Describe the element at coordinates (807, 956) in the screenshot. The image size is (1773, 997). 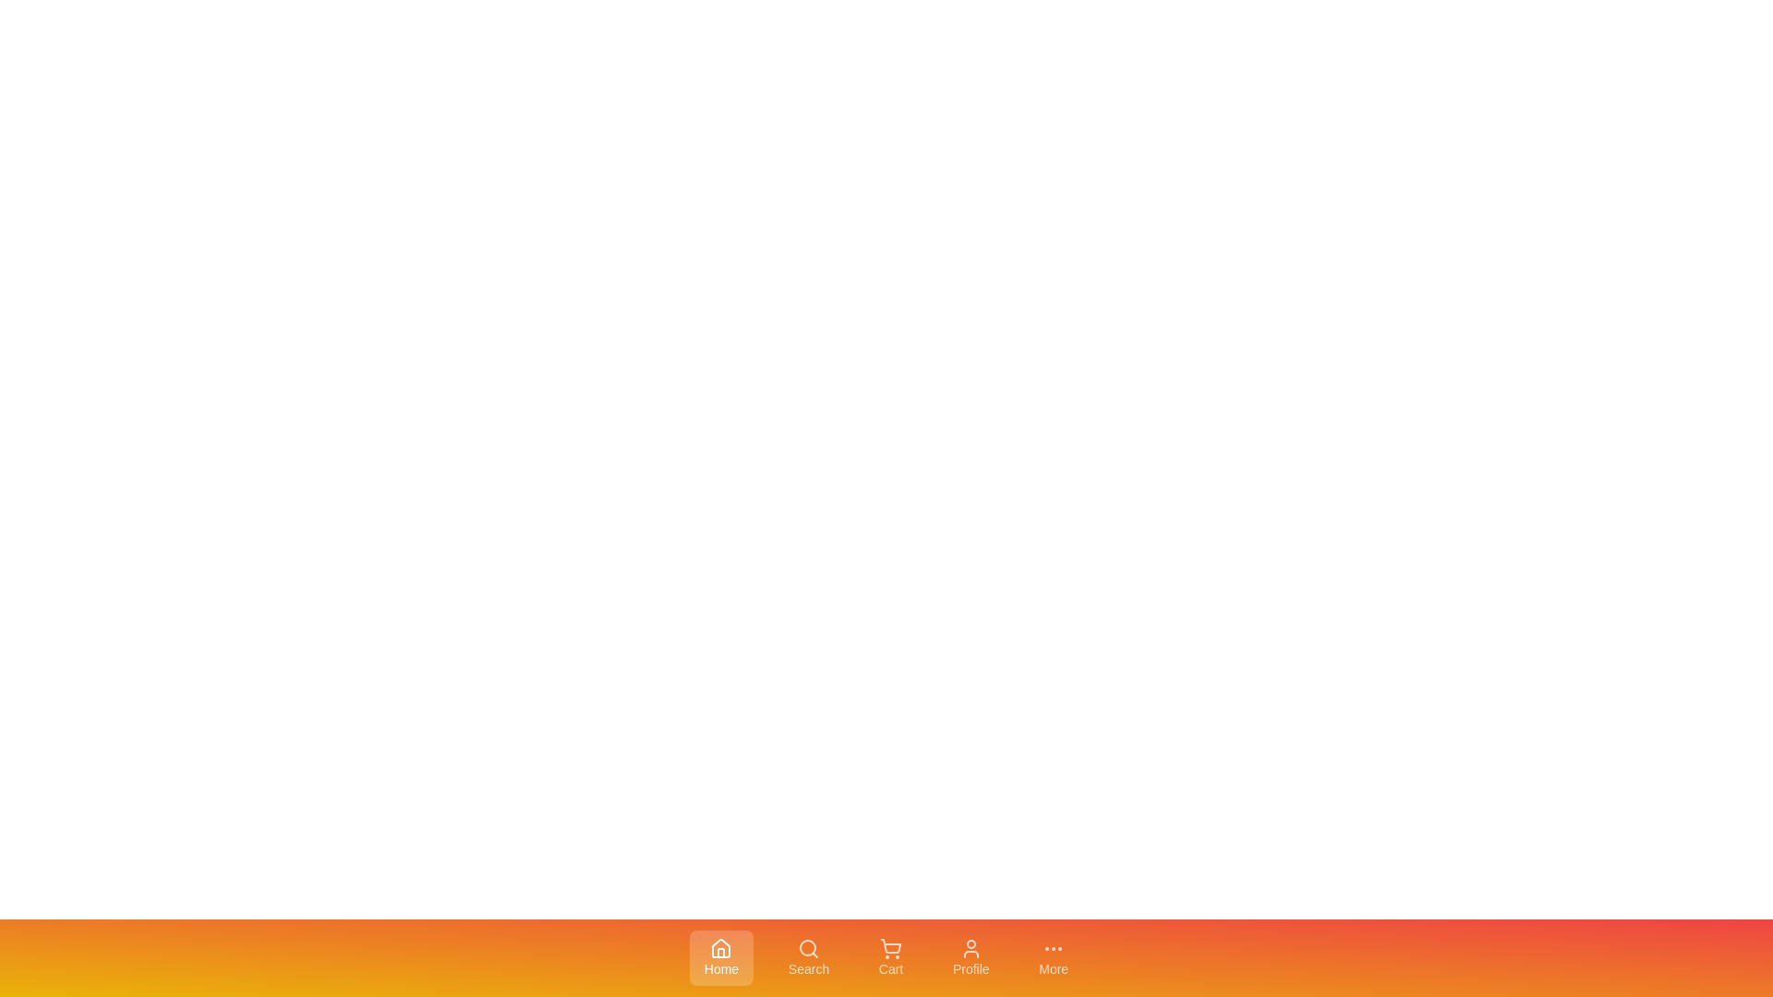
I see `the Search tab in the bottom navigation bar` at that location.